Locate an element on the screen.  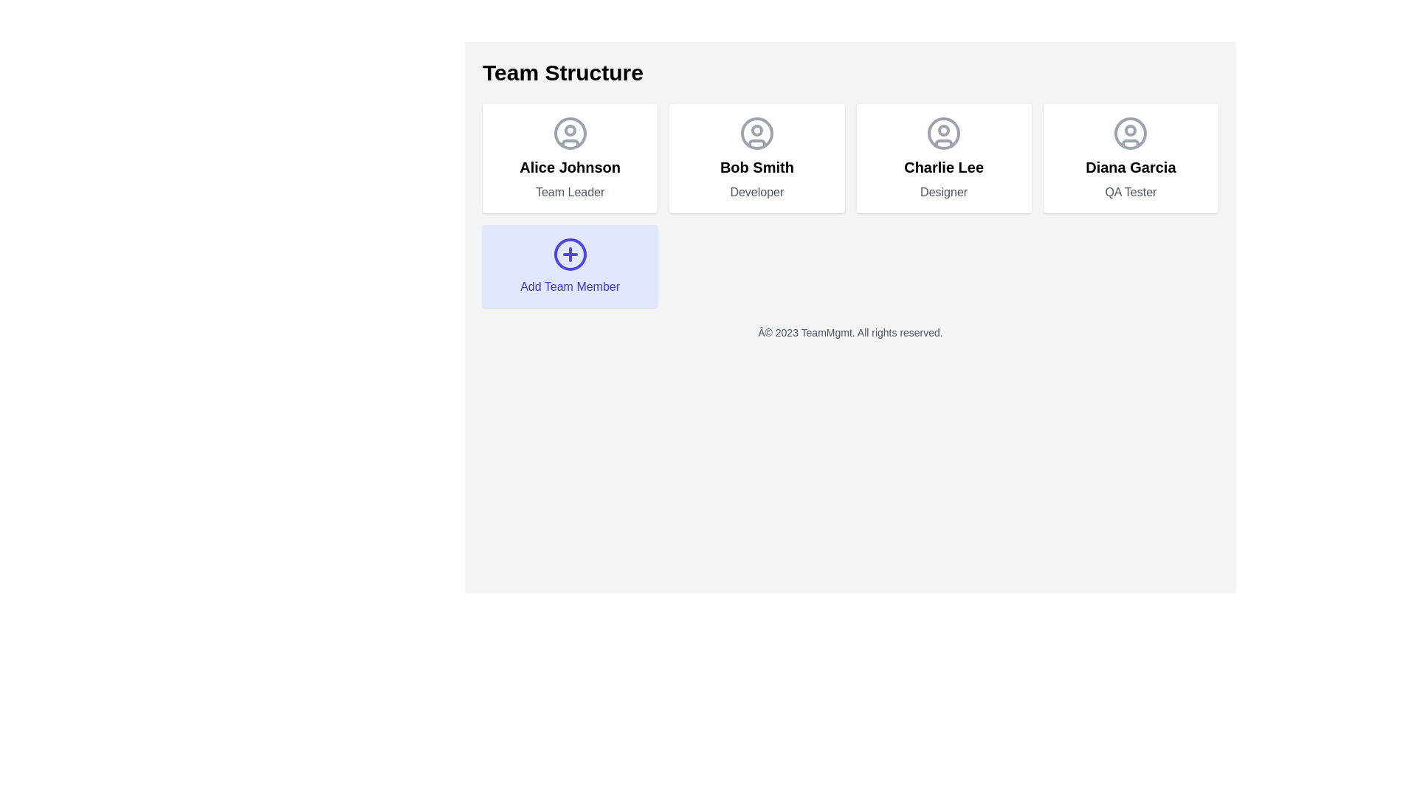
the static text displaying the copyright notice '© 2023 TeamMgmt. All rights reserved.' located at the bottom-center of the page is located at coordinates (850, 333).